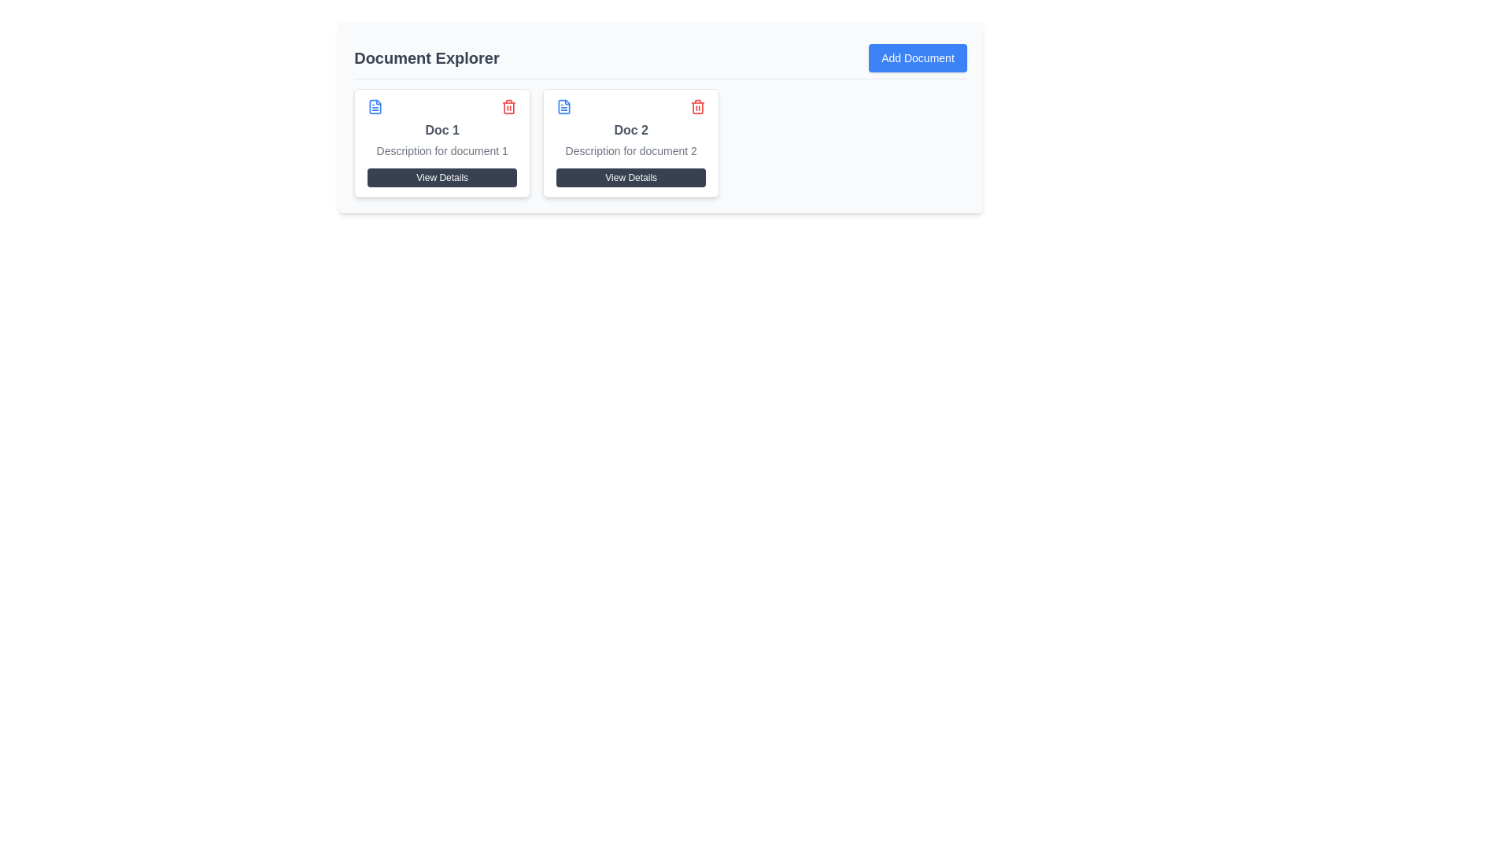 The width and height of the screenshot is (1511, 850). Describe the element at coordinates (918, 57) in the screenshot. I see `the 'Add Document' button located` at that location.